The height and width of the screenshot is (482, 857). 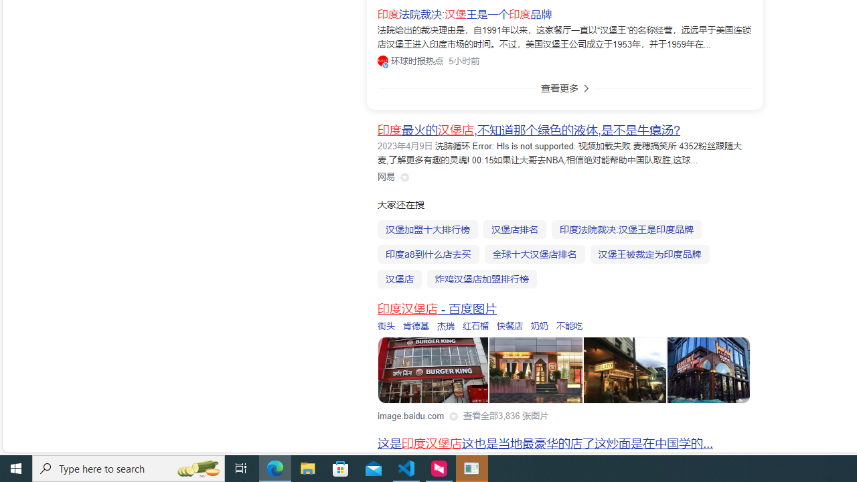 What do you see at coordinates (386, 176) in the screenshot?
I see `'Class: siteLink_9TPP3'` at bounding box center [386, 176].